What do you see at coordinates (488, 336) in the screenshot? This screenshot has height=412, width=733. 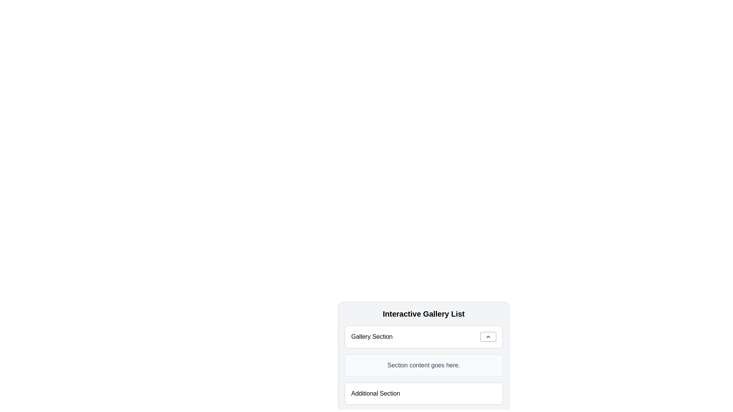 I see `the button located at the upper-right corner of the 'Gallery Section'` at bounding box center [488, 336].